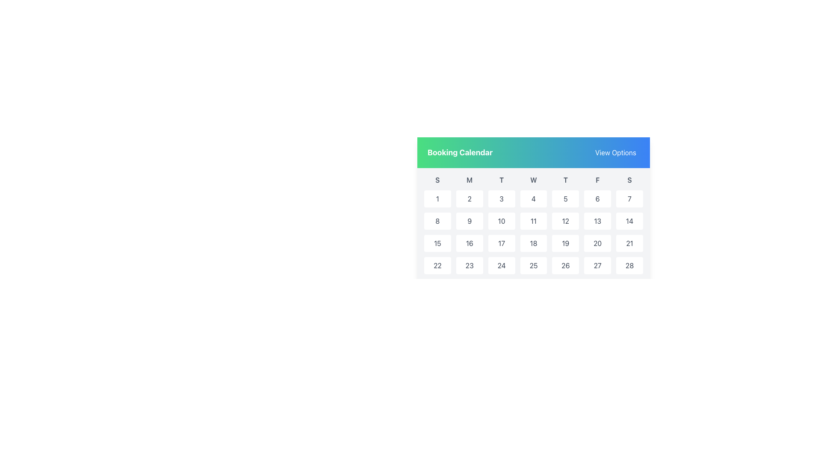  Describe the element at coordinates (533, 265) in the screenshot. I see `the Text-based day cell displaying '25' in the 4th column of the 5th row of the calendar grid` at that location.